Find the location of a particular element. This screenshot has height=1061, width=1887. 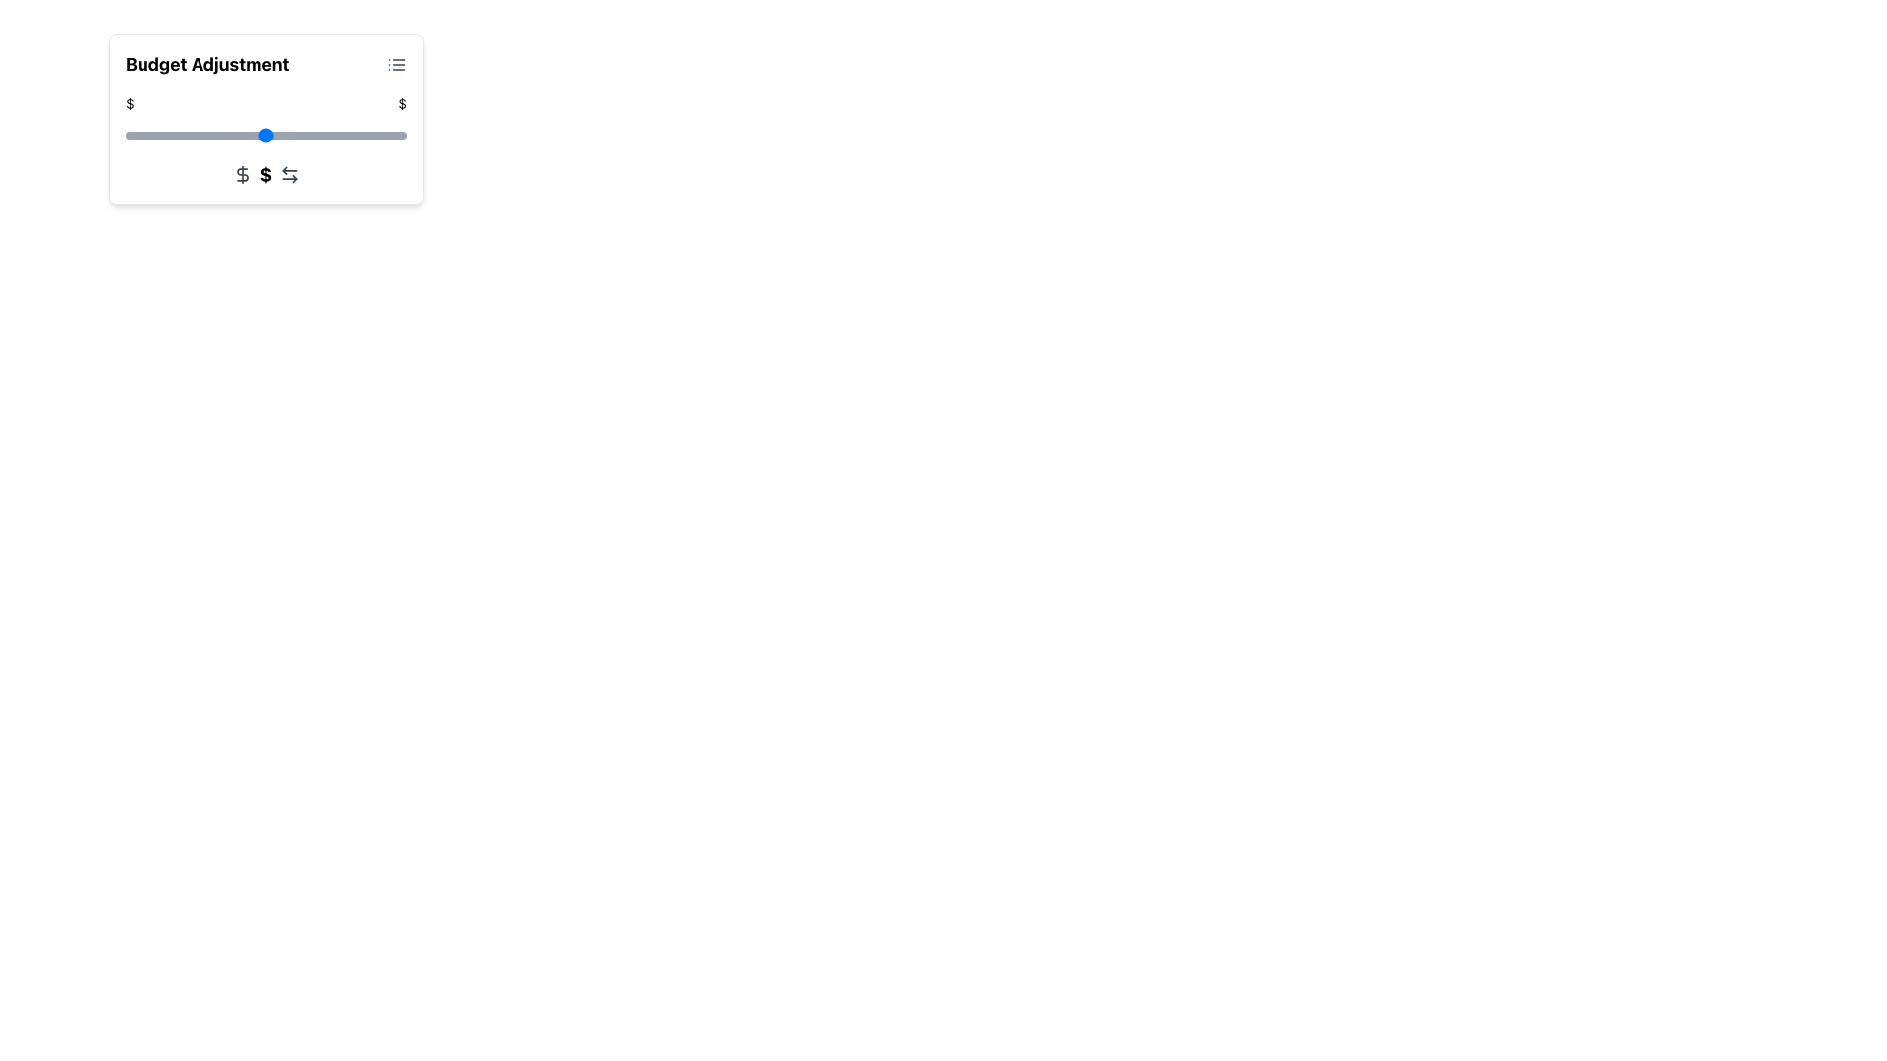

the bold styled dollar sign ('$') that is centrally located in the bottom section of the 'Budget Adjustment' card, flanked by another dollar sign and an arrow symbol is located at coordinates (264, 173).